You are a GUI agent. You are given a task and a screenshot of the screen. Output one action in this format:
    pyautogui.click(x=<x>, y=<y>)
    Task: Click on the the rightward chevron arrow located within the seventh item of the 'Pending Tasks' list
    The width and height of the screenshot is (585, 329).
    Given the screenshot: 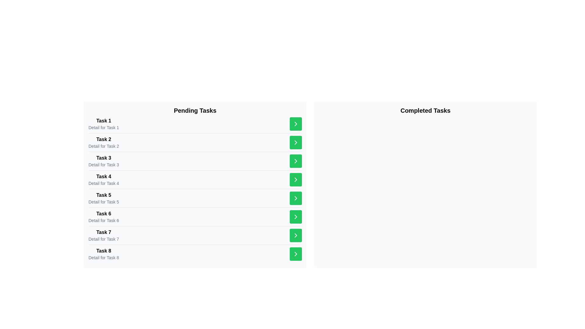 What is the action you would take?
    pyautogui.click(x=296, y=161)
    